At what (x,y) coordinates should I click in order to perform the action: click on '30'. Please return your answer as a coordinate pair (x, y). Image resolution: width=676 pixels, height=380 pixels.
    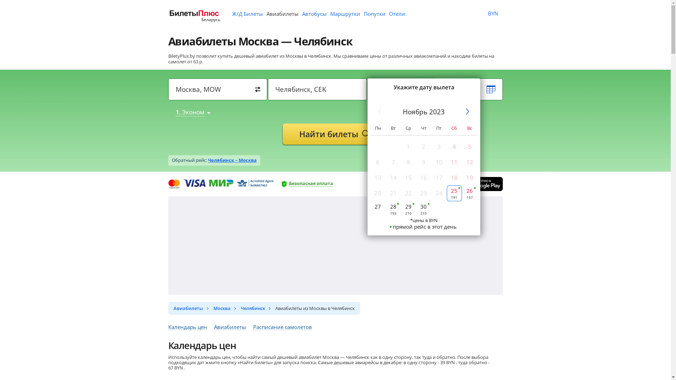
    Looking at the image, I should click on (423, 209).